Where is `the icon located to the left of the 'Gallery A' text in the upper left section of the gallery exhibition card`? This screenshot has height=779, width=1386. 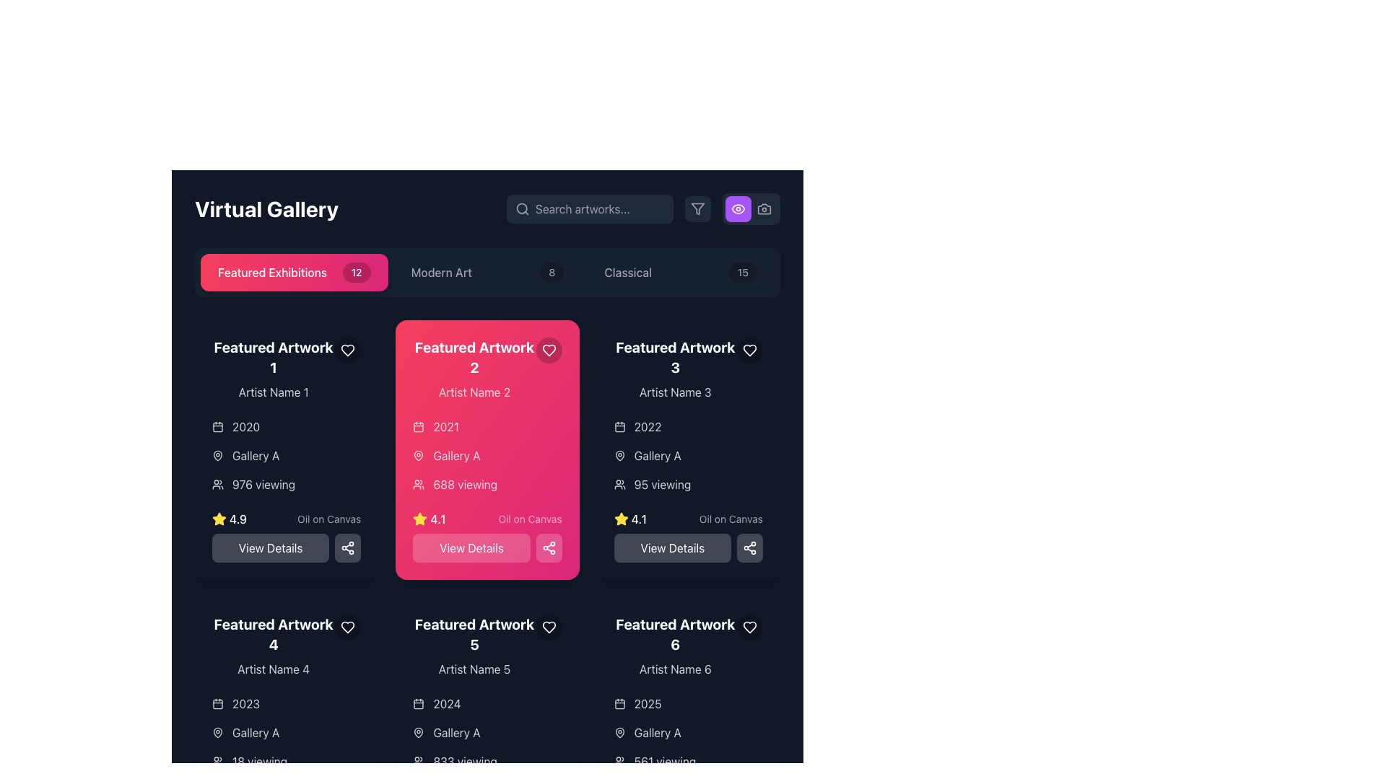
the icon located to the left of the 'Gallery A' text in the upper left section of the gallery exhibition card is located at coordinates (217, 456).